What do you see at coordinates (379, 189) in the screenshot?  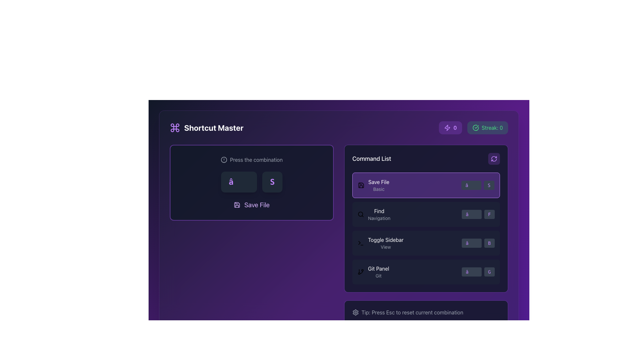 I see `the text label located just below the 'Save File' text in the 'Command List' section of the right panel` at bounding box center [379, 189].